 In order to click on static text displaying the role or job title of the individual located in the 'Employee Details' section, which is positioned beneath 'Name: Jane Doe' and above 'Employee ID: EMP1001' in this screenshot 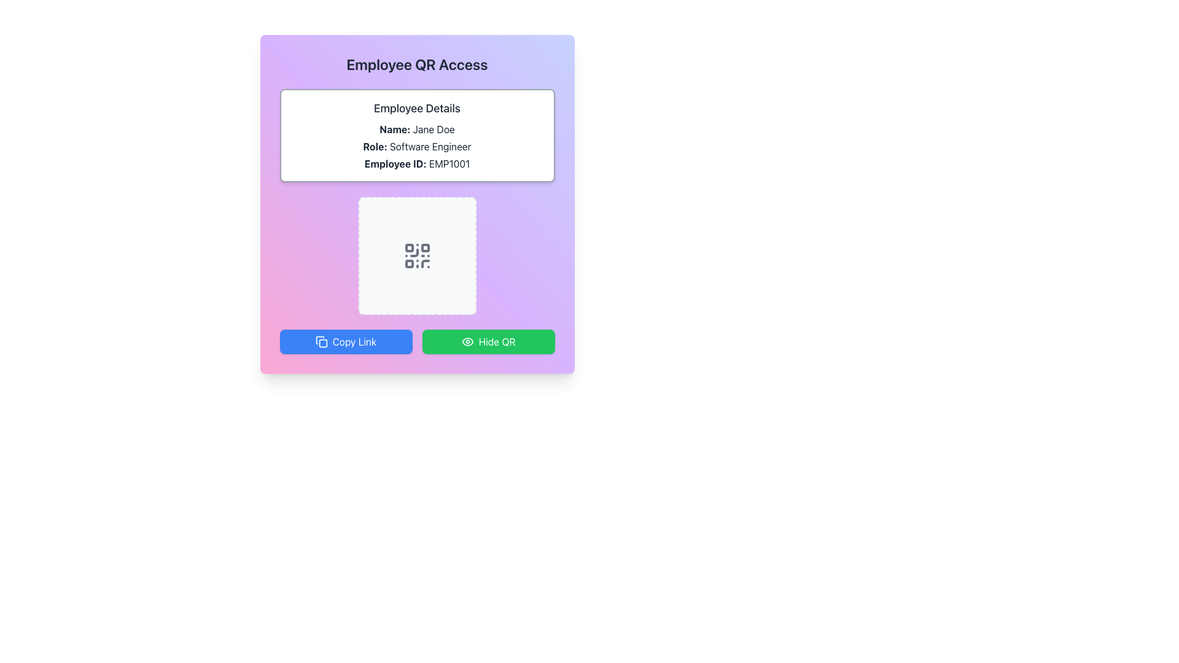, I will do `click(417, 146)`.